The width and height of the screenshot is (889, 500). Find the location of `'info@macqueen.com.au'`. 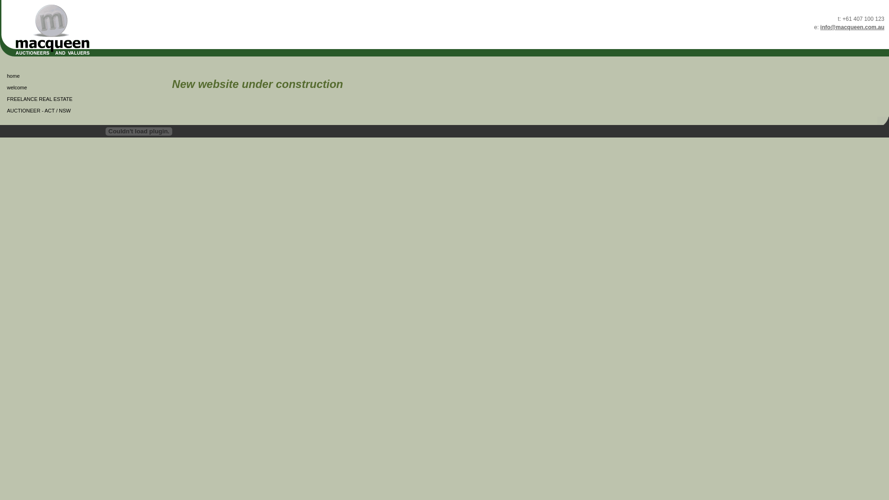

'info@macqueen.com.au' is located at coordinates (852, 26).